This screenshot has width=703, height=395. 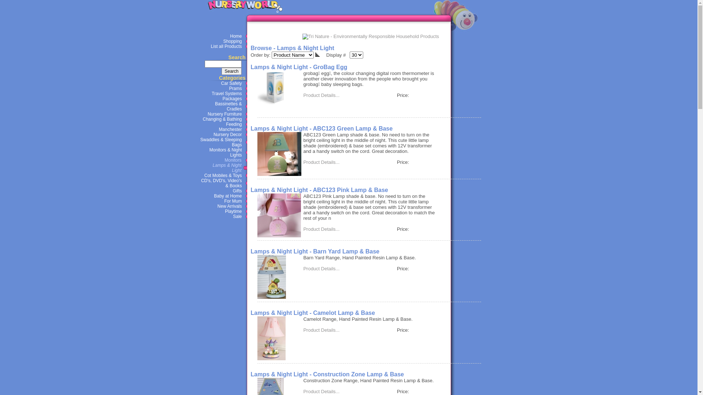 What do you see at coordinates (315, 54) in the screenshot?
I see `'Descending order'` at bounding box center [315, 54].